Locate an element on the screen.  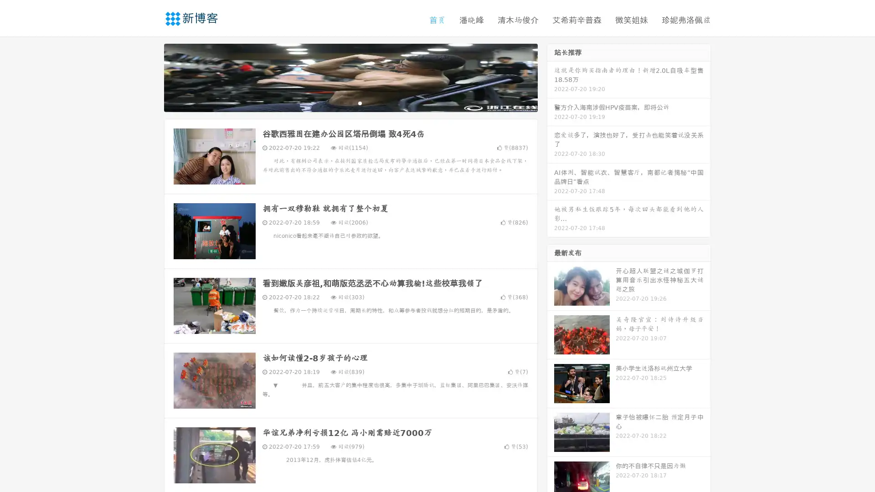
Go to slide 1 is located at coordinates (341, 102).